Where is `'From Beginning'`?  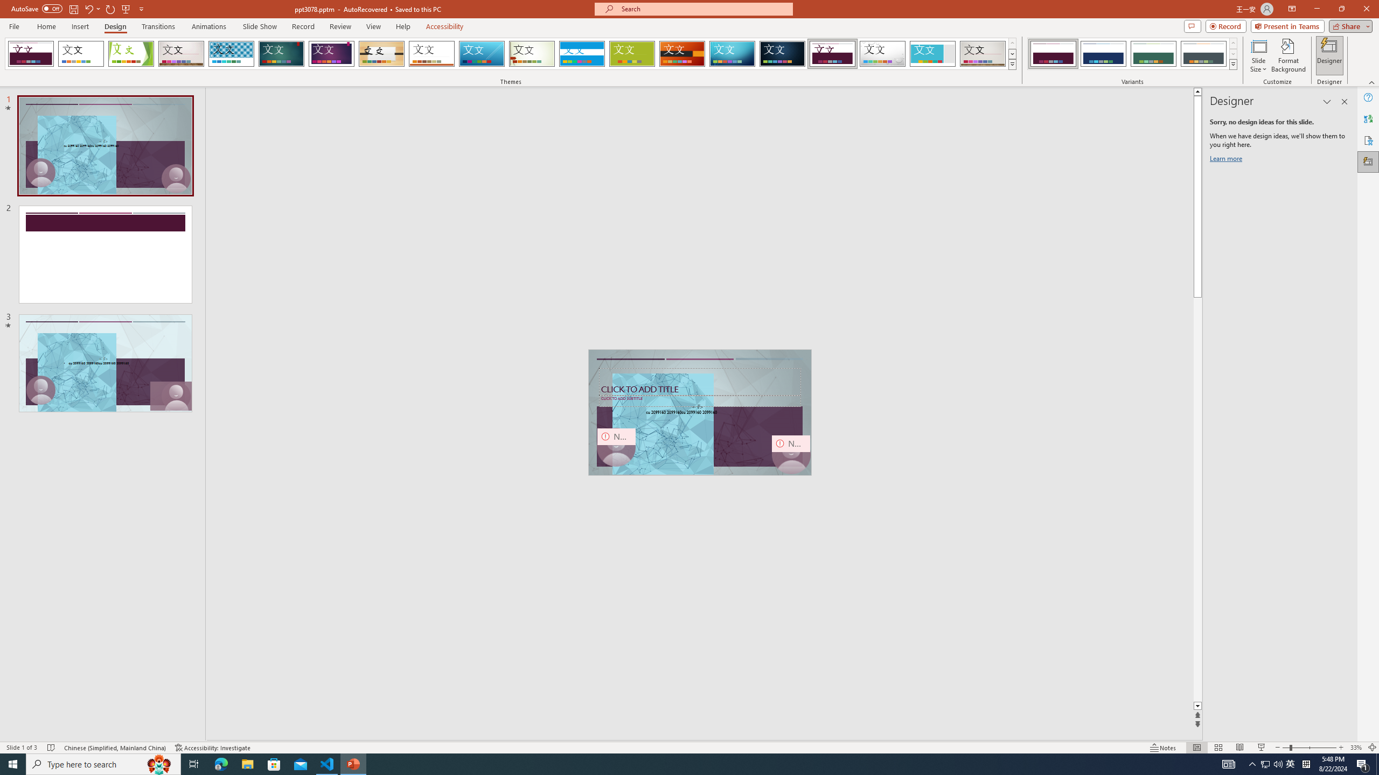
'From Beginning' is located at coordinates (126, 8).